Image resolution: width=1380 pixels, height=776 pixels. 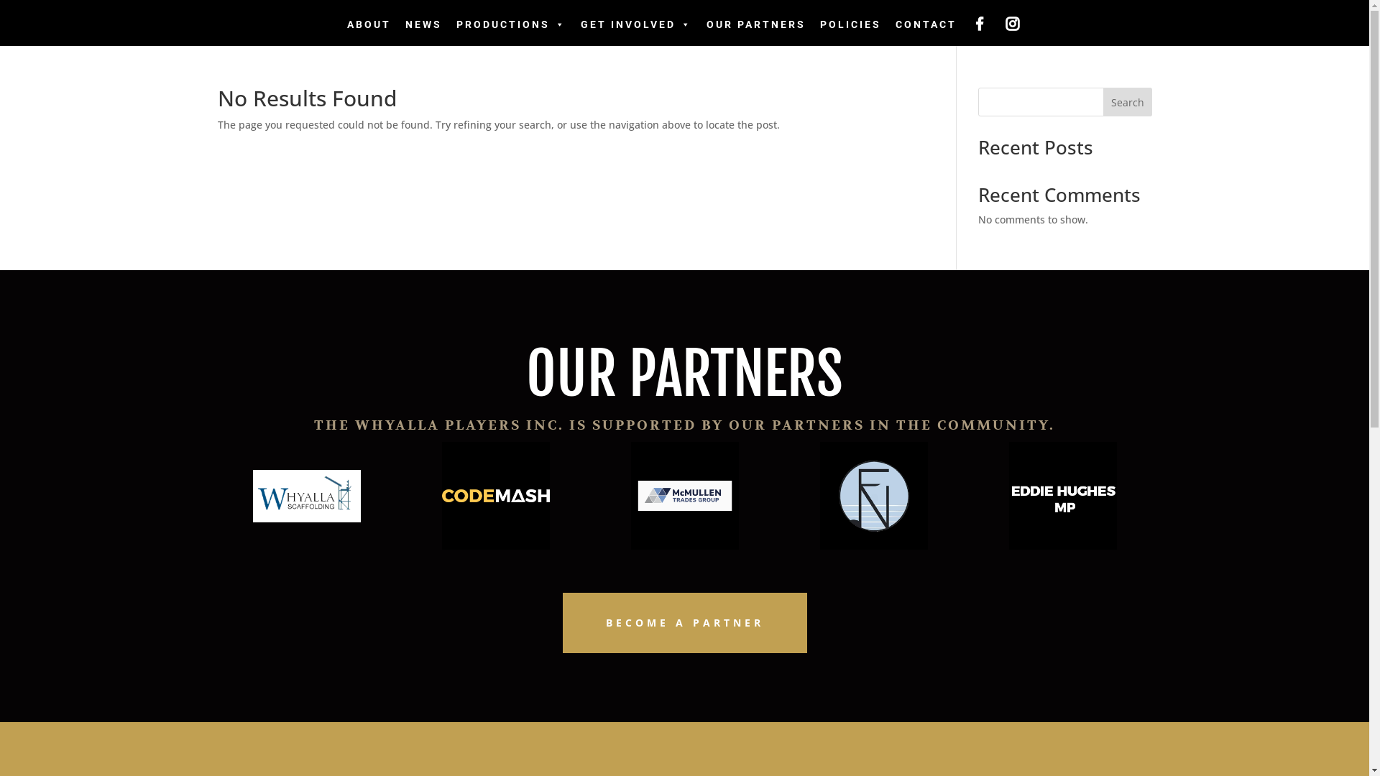 I want to click on 'CONTACT', so click(x=888, y=24).